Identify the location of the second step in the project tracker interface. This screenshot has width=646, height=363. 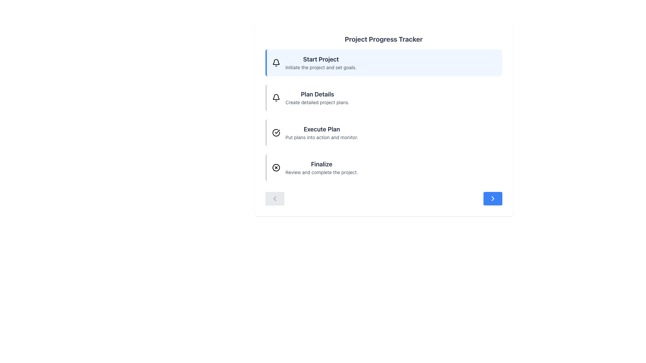
(384, 97).